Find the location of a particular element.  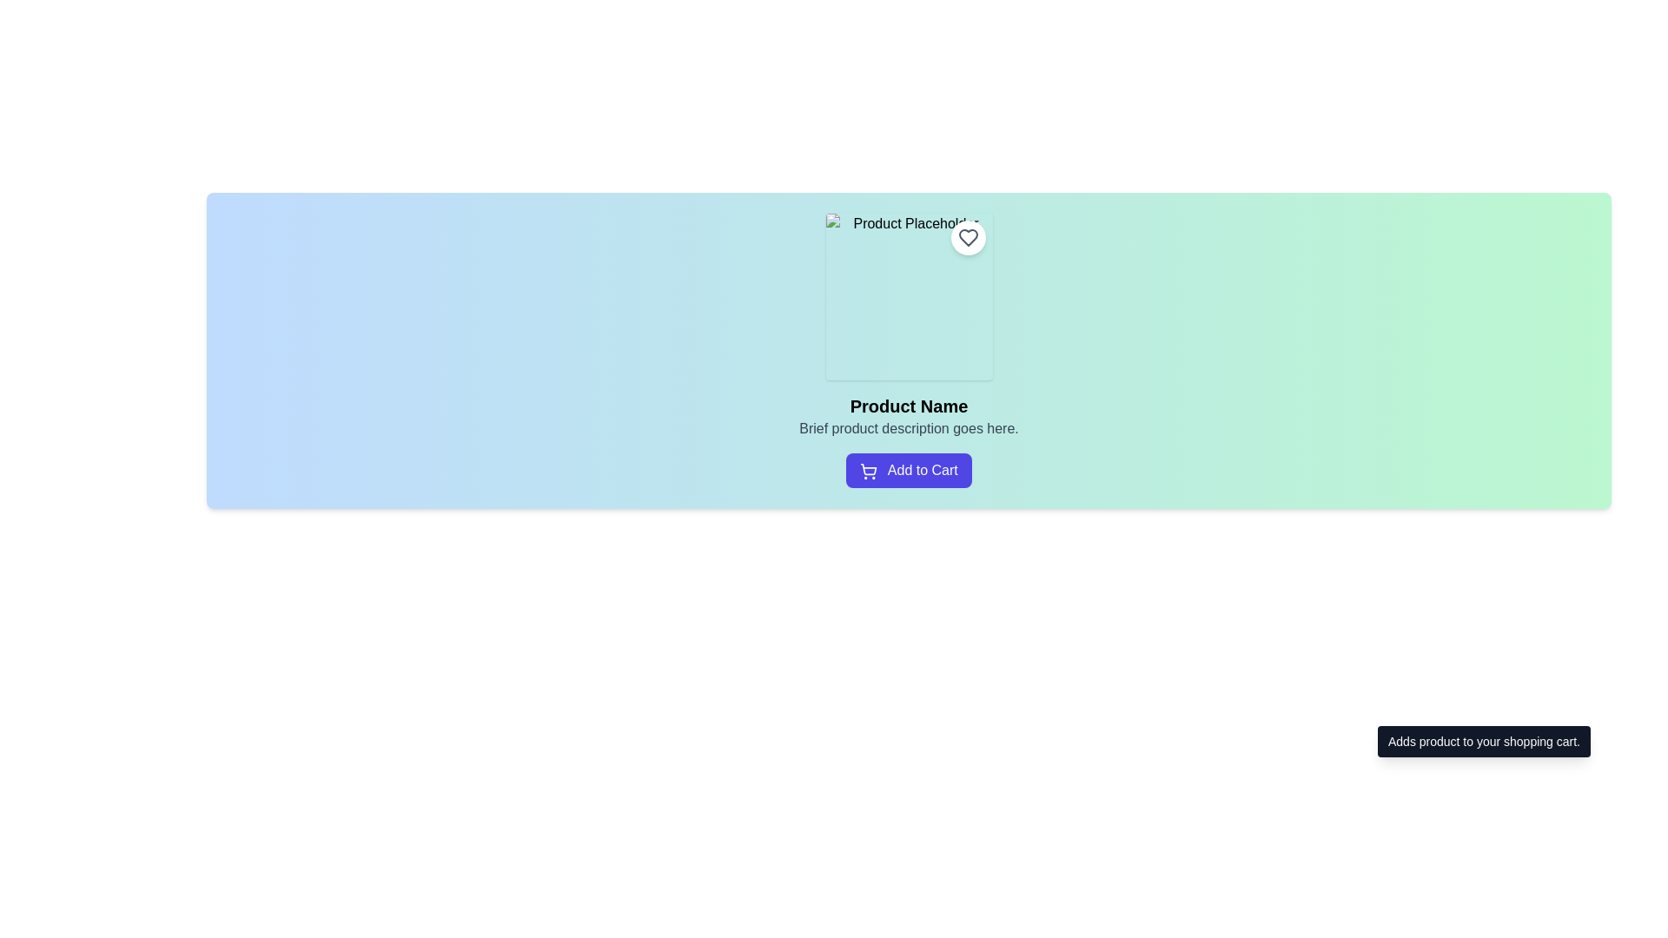

the shopping cart icon located within the 'Add to Cart' button at the bottom of the card layout is located at coordinates (868, 469).